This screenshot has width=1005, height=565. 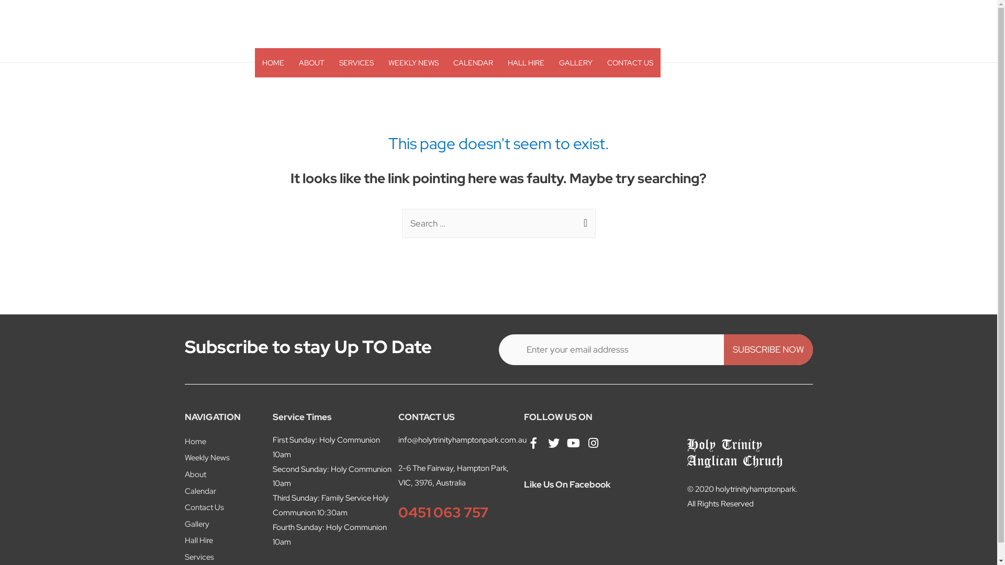 I want to click on 'Gallery', so click(x=196, y=524).